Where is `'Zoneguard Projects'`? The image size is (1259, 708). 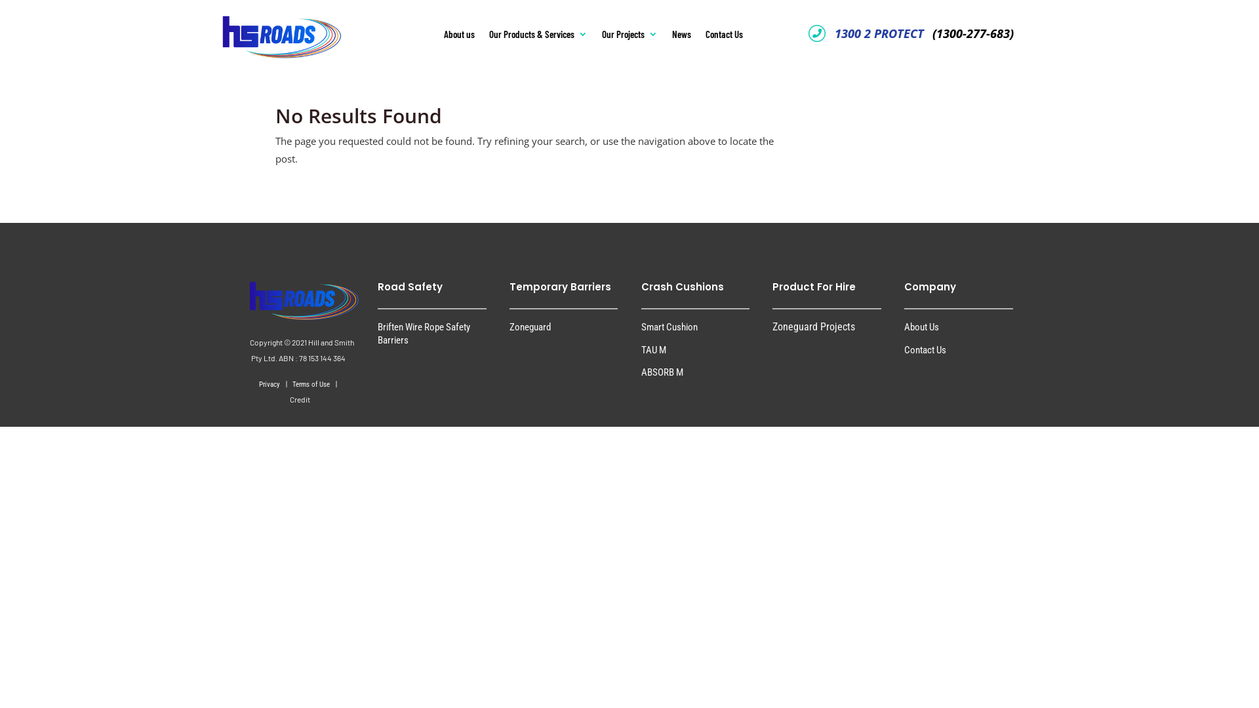 'Zoneguard Projects' is located at coordinates (772, 326).